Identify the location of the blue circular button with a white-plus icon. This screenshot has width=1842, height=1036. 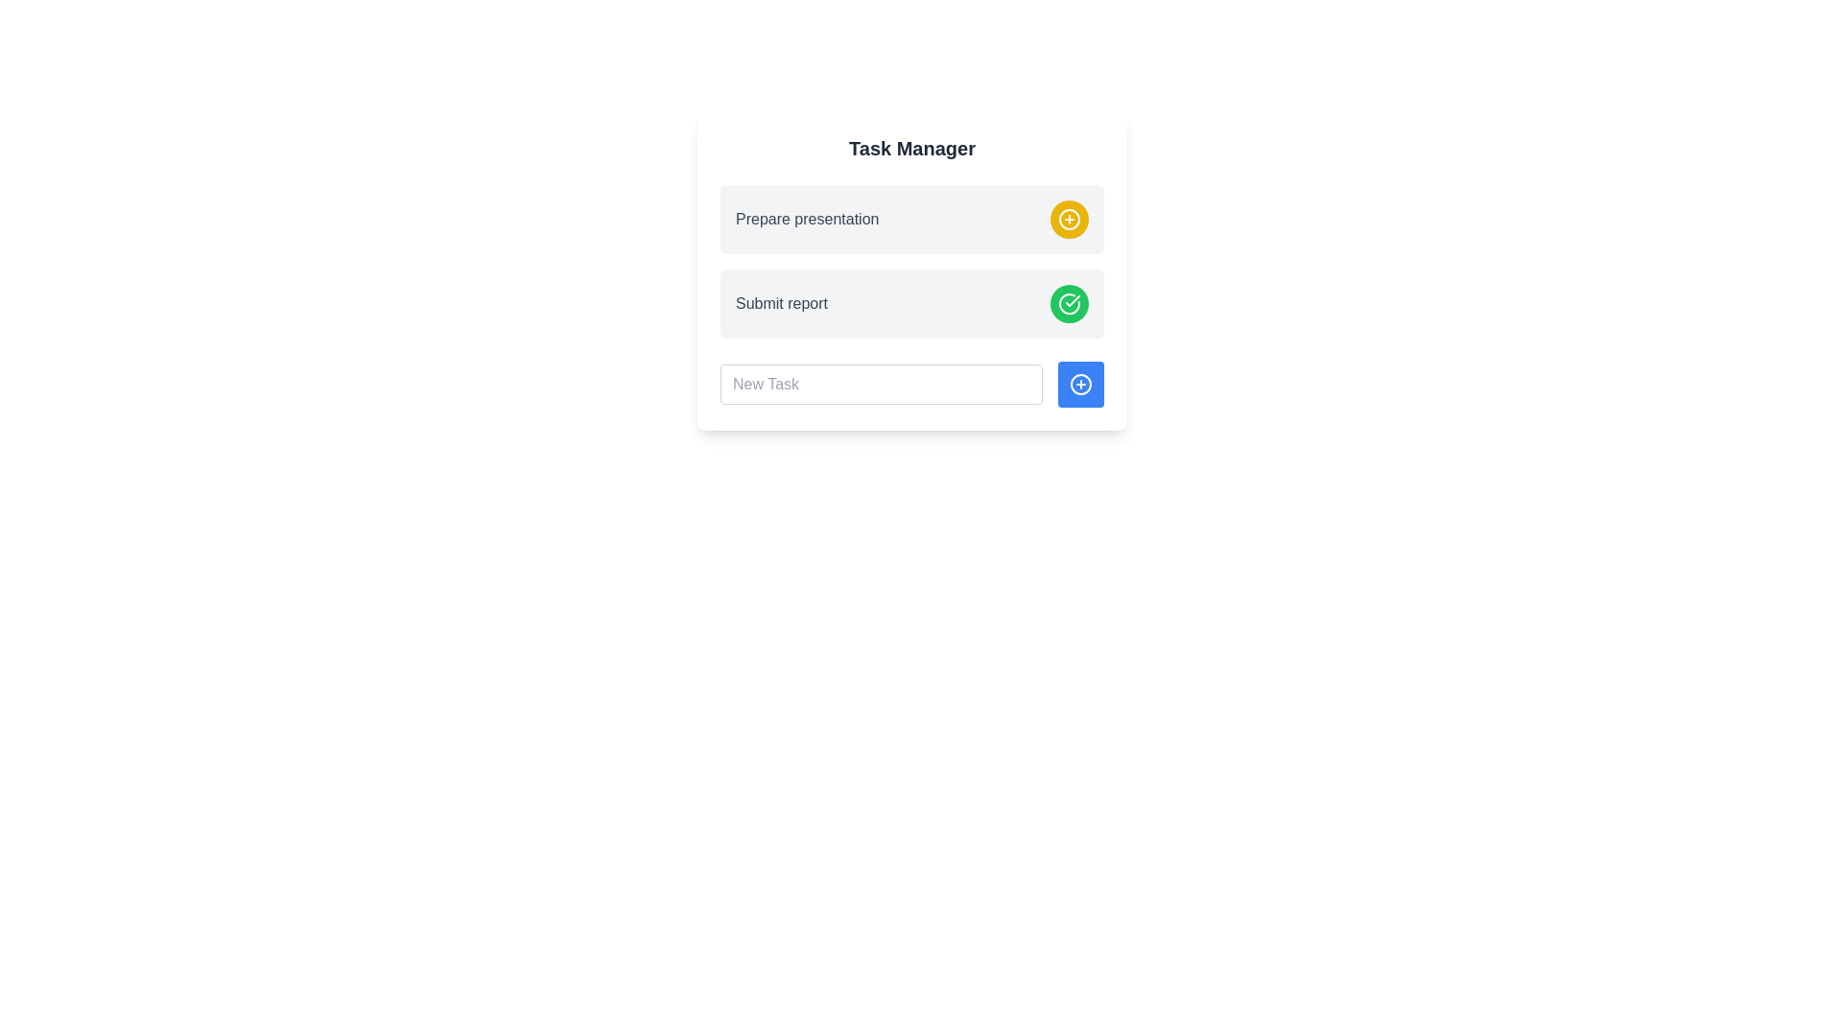
(1081, 385).